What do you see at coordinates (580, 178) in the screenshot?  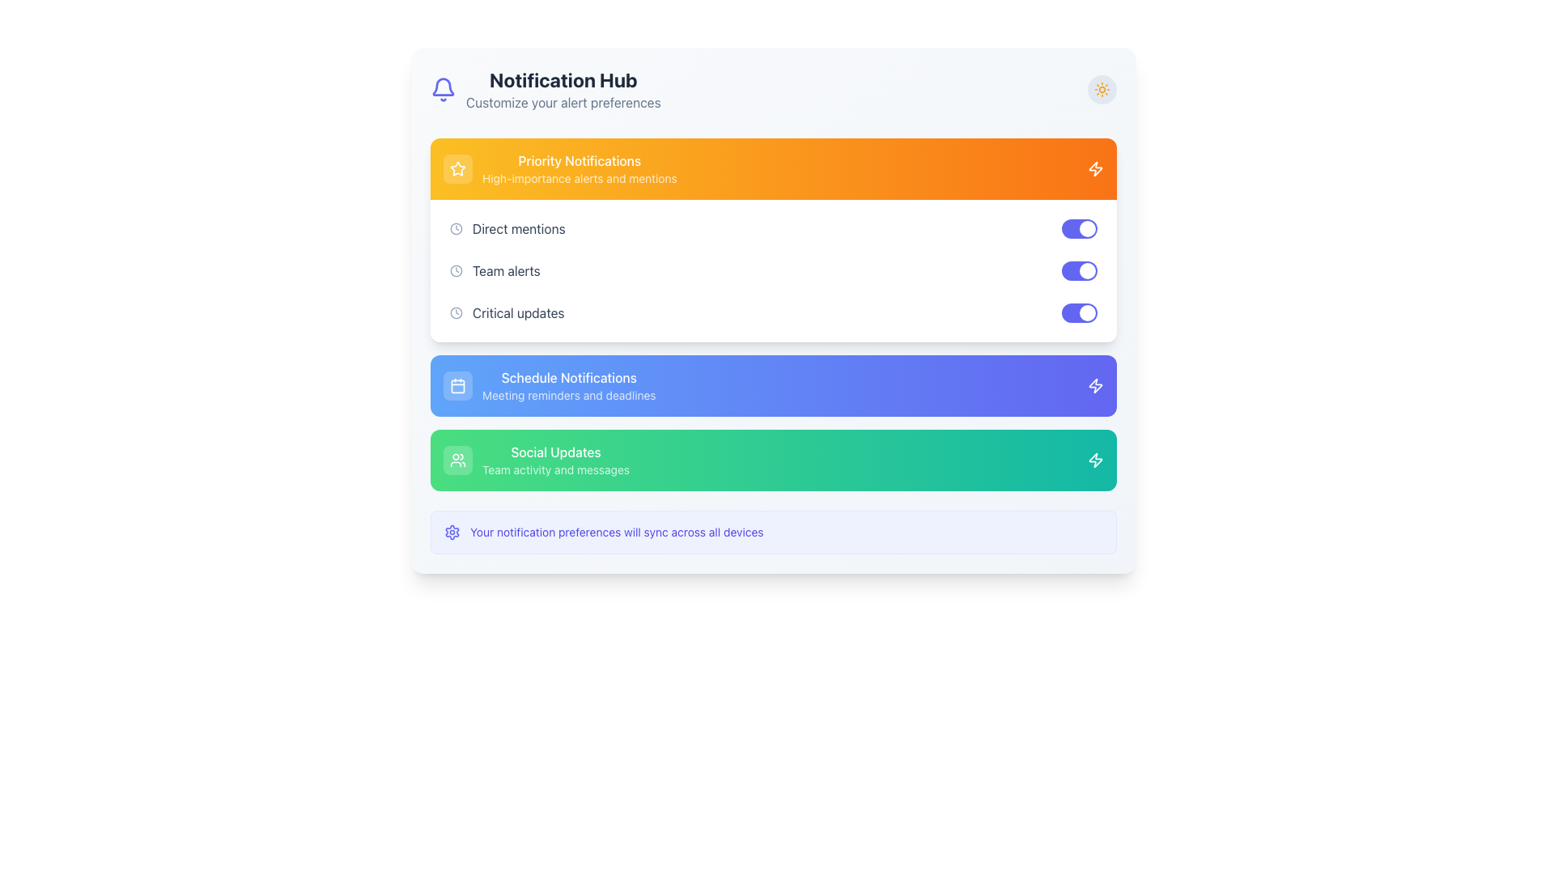 I see `the text element styled in small font with a semi-transparent white color that contains the phrase 'High-importance alerts and mentions', located below the bold title 'Priority Notifications' in the orange header section` at bounding box center [580, 178].